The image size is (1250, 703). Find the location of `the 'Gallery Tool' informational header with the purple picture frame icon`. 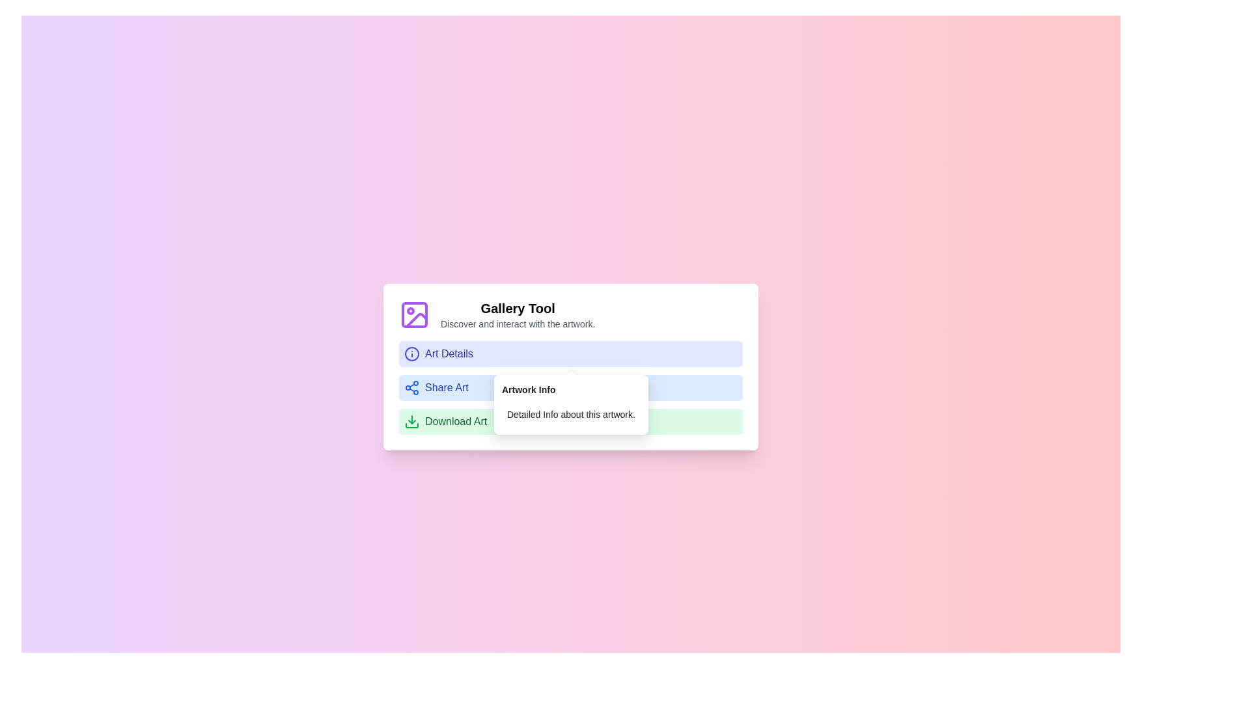

the 'Gallery Tool' informational header with the purple picture frame icon is located at coordinates (571, 314).